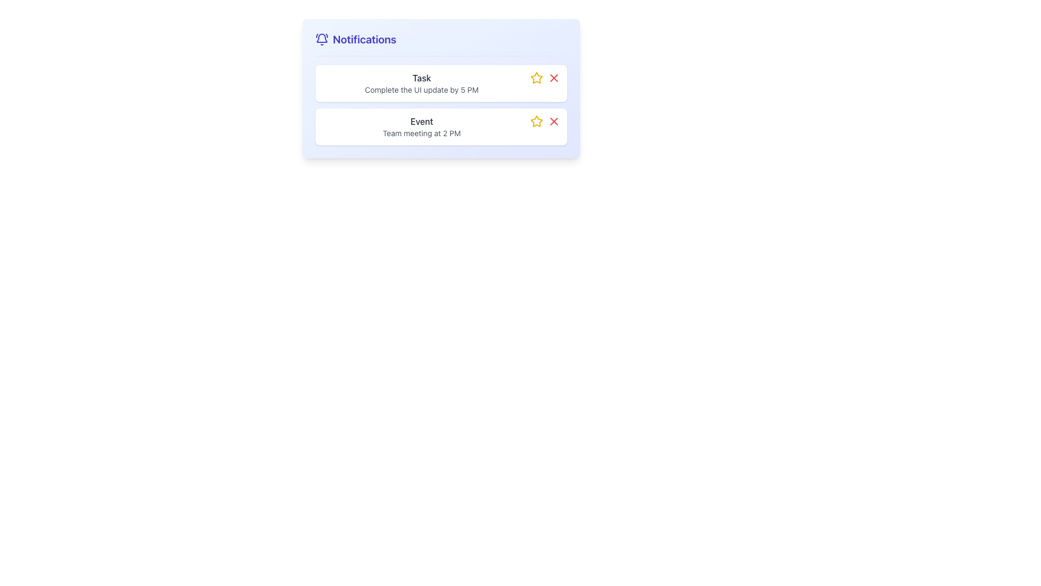 The width and height of the screenshot is (1041, 586). Describe the element at coordinates (536, 77) in the screenshot. I see `the Interactive Icon (Star) located in the first notification item` at that location.